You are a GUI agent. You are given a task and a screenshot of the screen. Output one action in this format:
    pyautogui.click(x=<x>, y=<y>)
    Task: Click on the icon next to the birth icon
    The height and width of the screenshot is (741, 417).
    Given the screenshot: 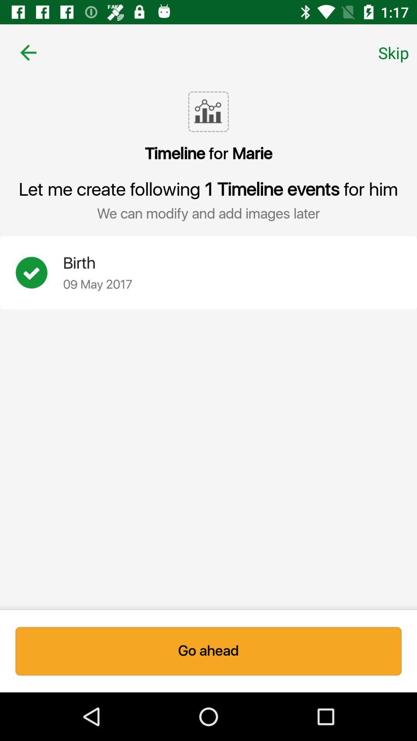 What is the action you would take?
    pyautogui.click(x=39, y=272)
    